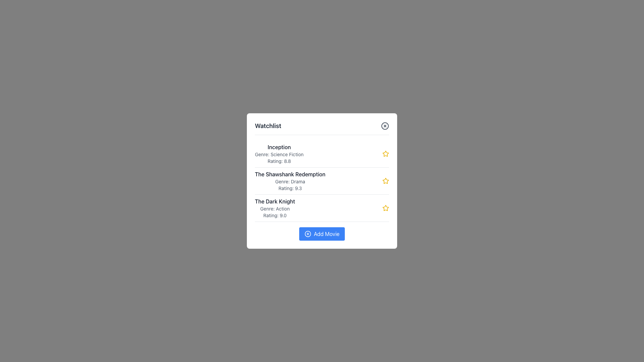 This screenshot has height=362, width=644. I want to click on the Text Display element that shows movie details including title, genre, and rating, located in the first row of the 'Watchlist' modal, so click(279, 154).